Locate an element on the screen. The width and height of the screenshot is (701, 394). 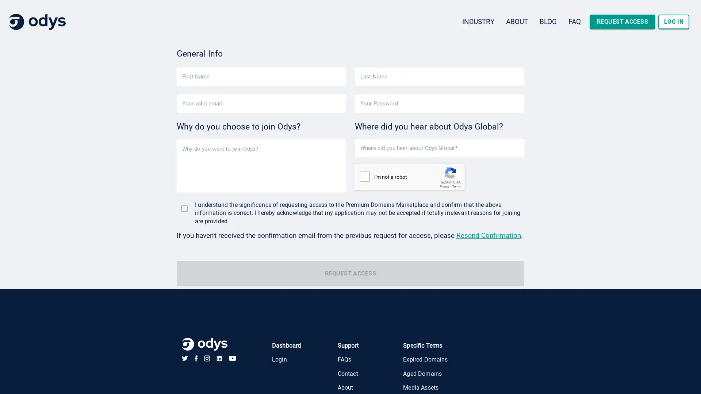
REQUEST ACCESS is located at coordinates (622, 22).